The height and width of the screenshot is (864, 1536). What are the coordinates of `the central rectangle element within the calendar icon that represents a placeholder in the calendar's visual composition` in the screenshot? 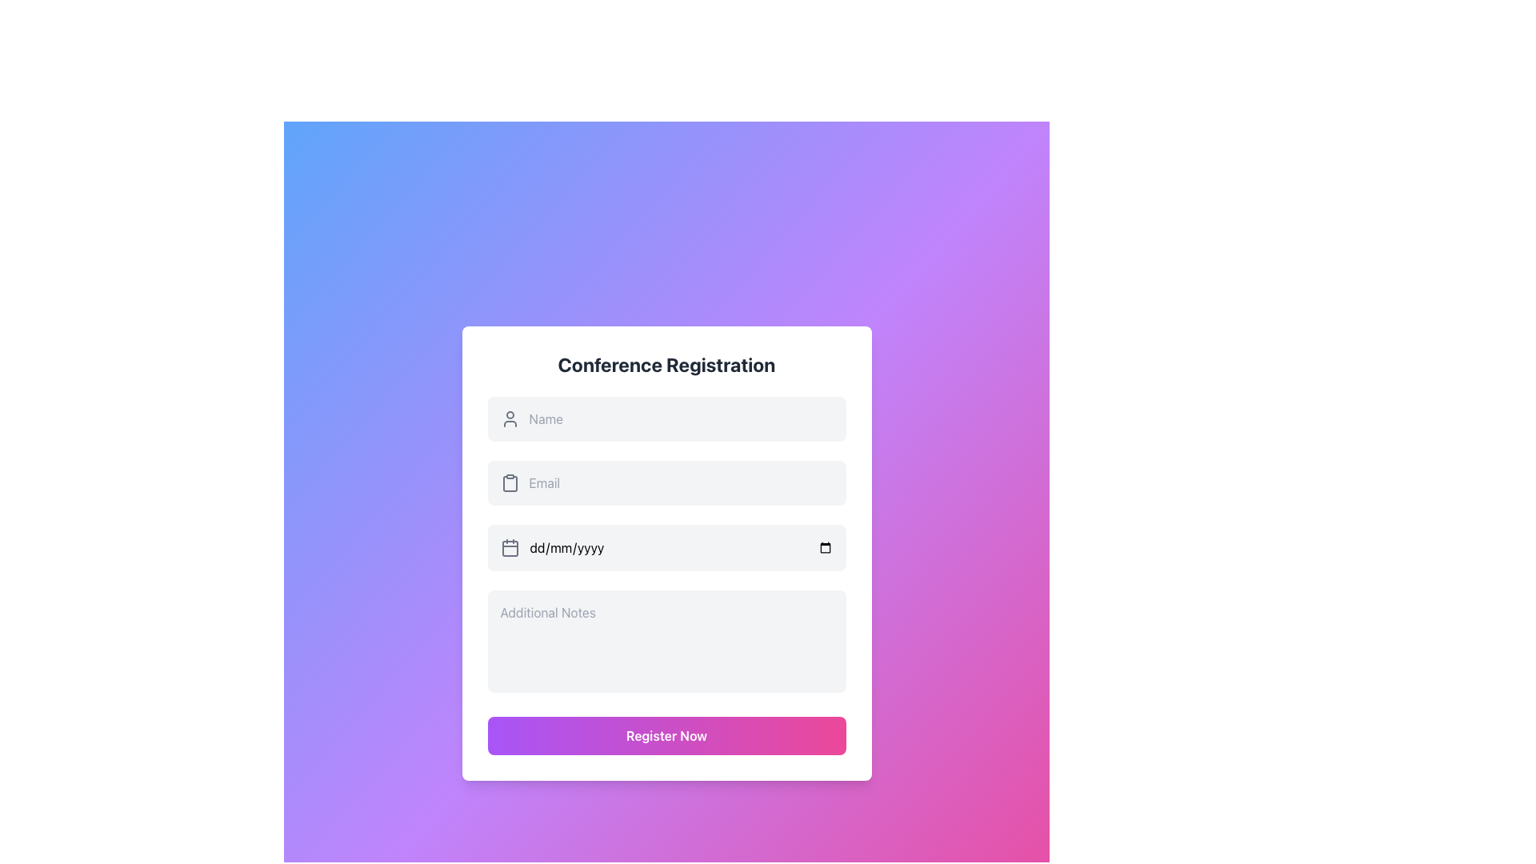 It's located at (509, 548).